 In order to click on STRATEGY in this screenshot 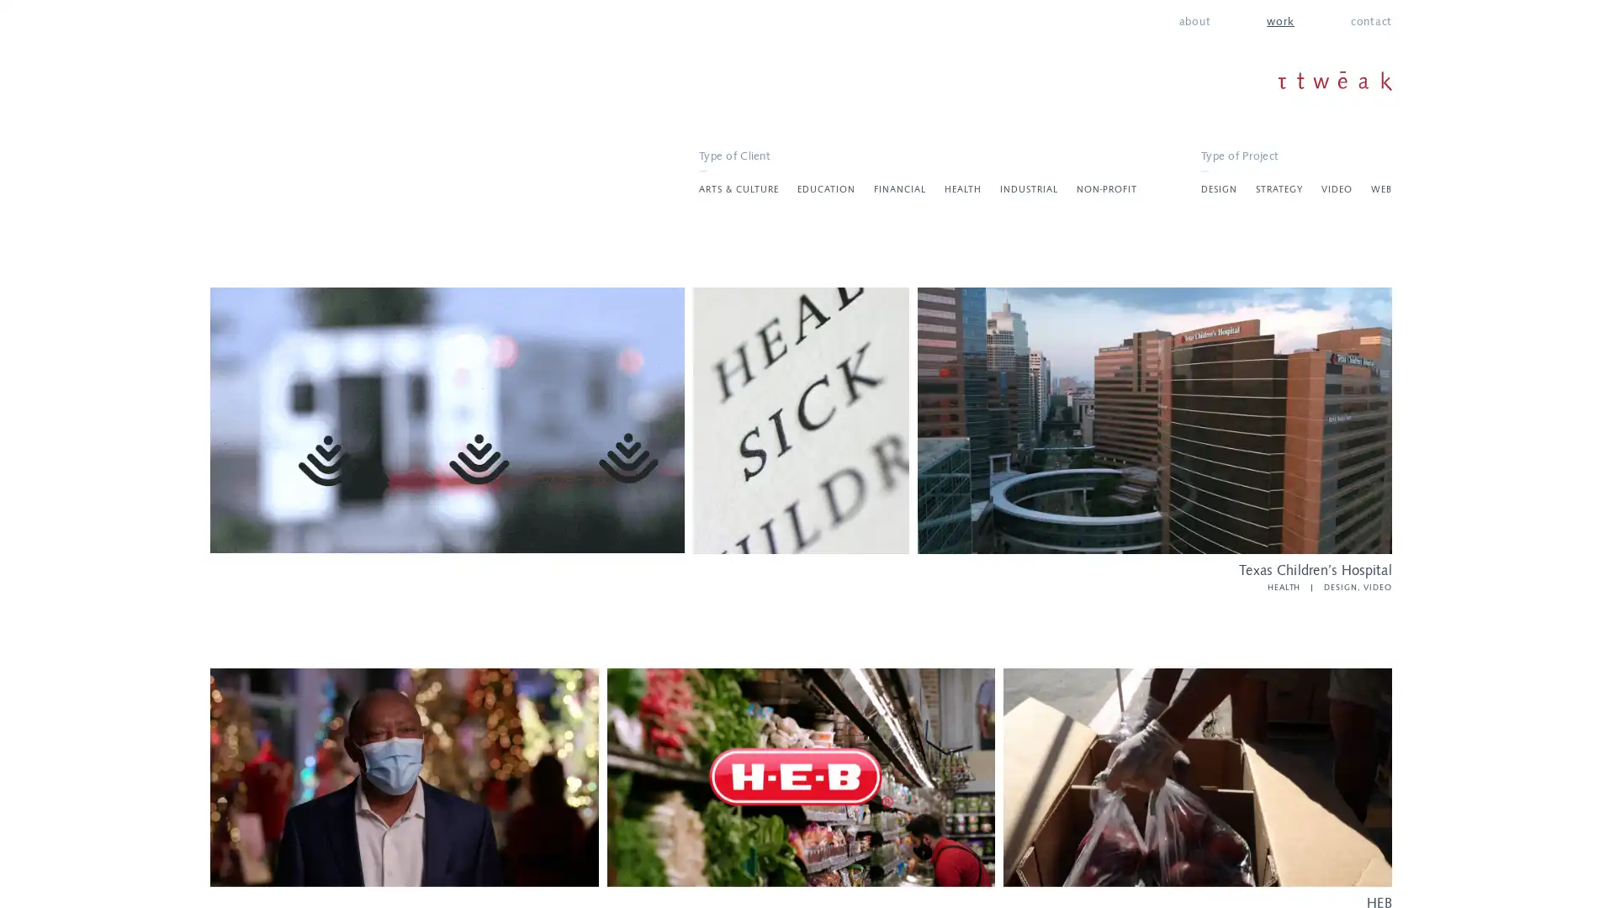, I will do `click(1279, 189)`.